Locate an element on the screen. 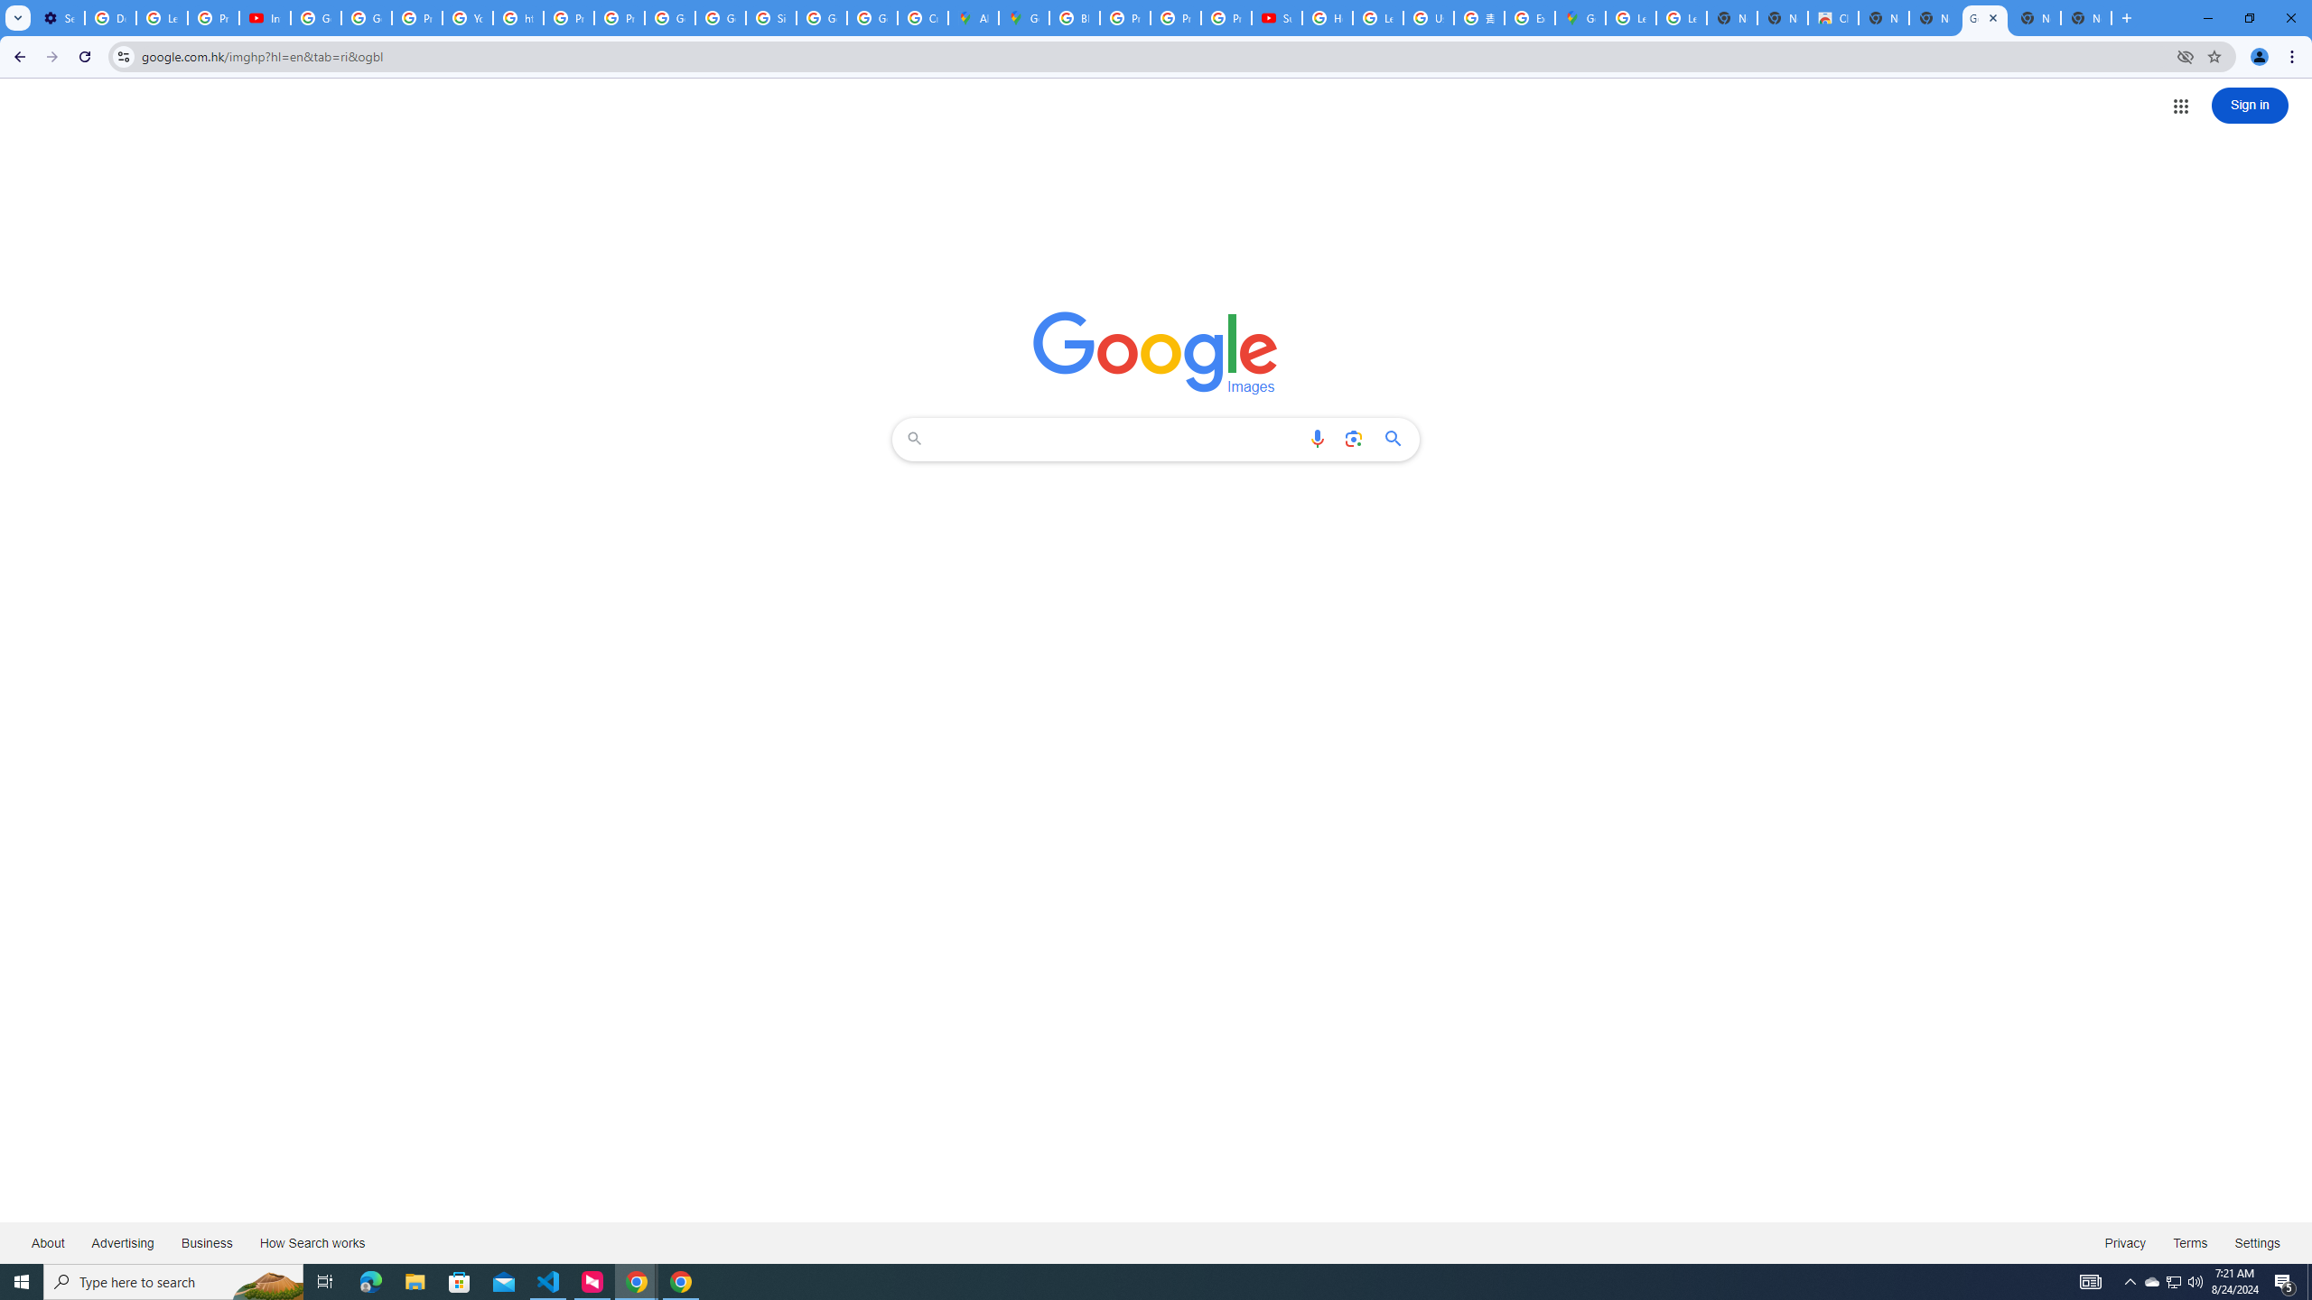 Image resolution: width=2312 pixels, height=1300 pixels. 'Settings - Customize profile' is located at coordinates (59, 17).